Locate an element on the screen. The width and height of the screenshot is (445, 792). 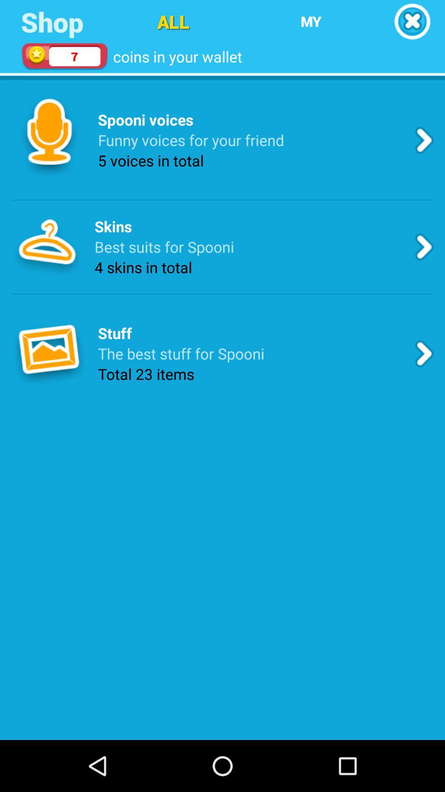
tab is located at coordinates (412, 21).